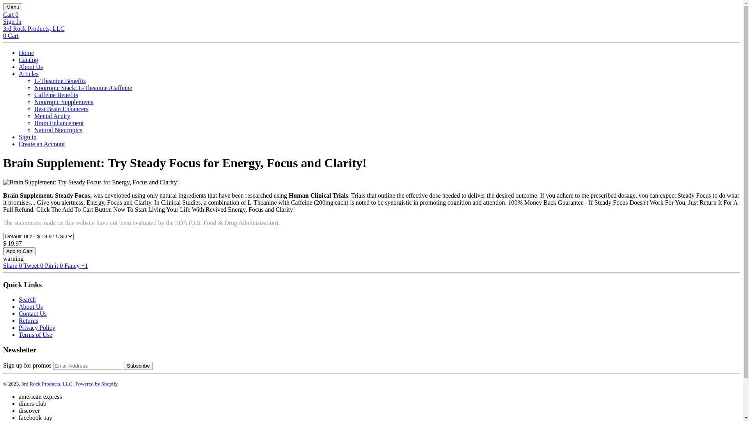  I want to click on 'Sign In', so click(3, 21).